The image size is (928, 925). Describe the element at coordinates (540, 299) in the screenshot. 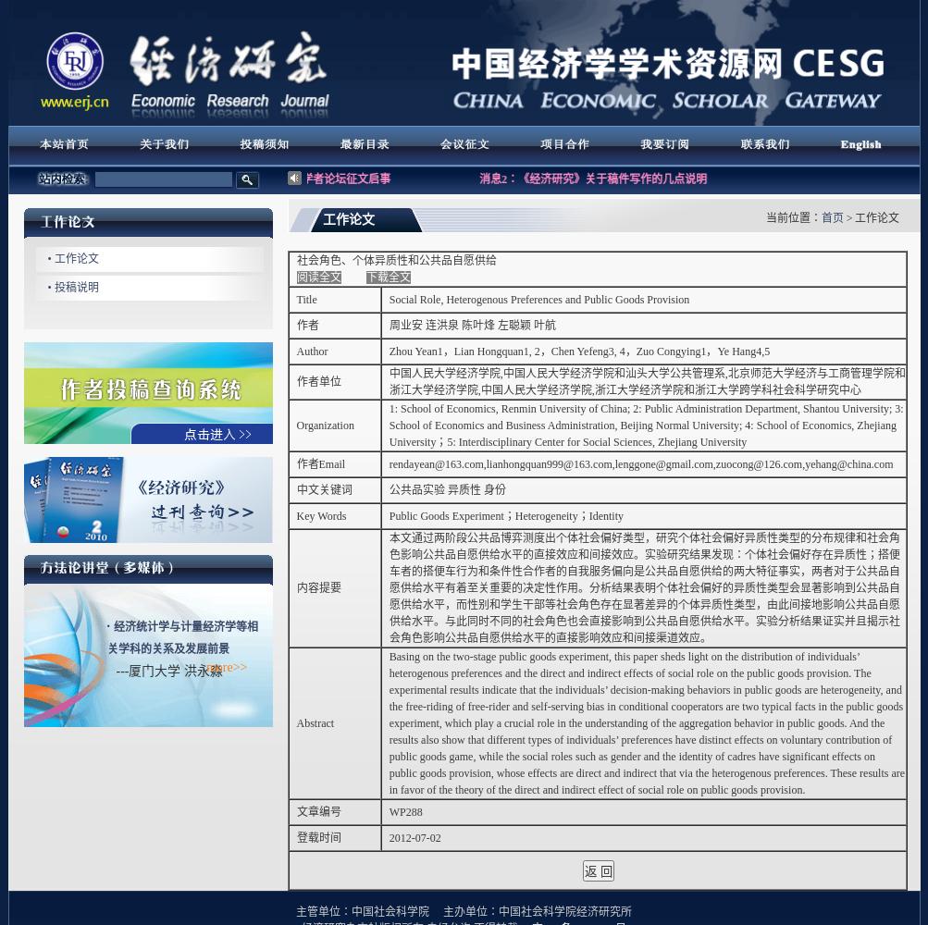

I see `'Social Role, Heterogenous Preferences and Public Goods Provision'` at that location.